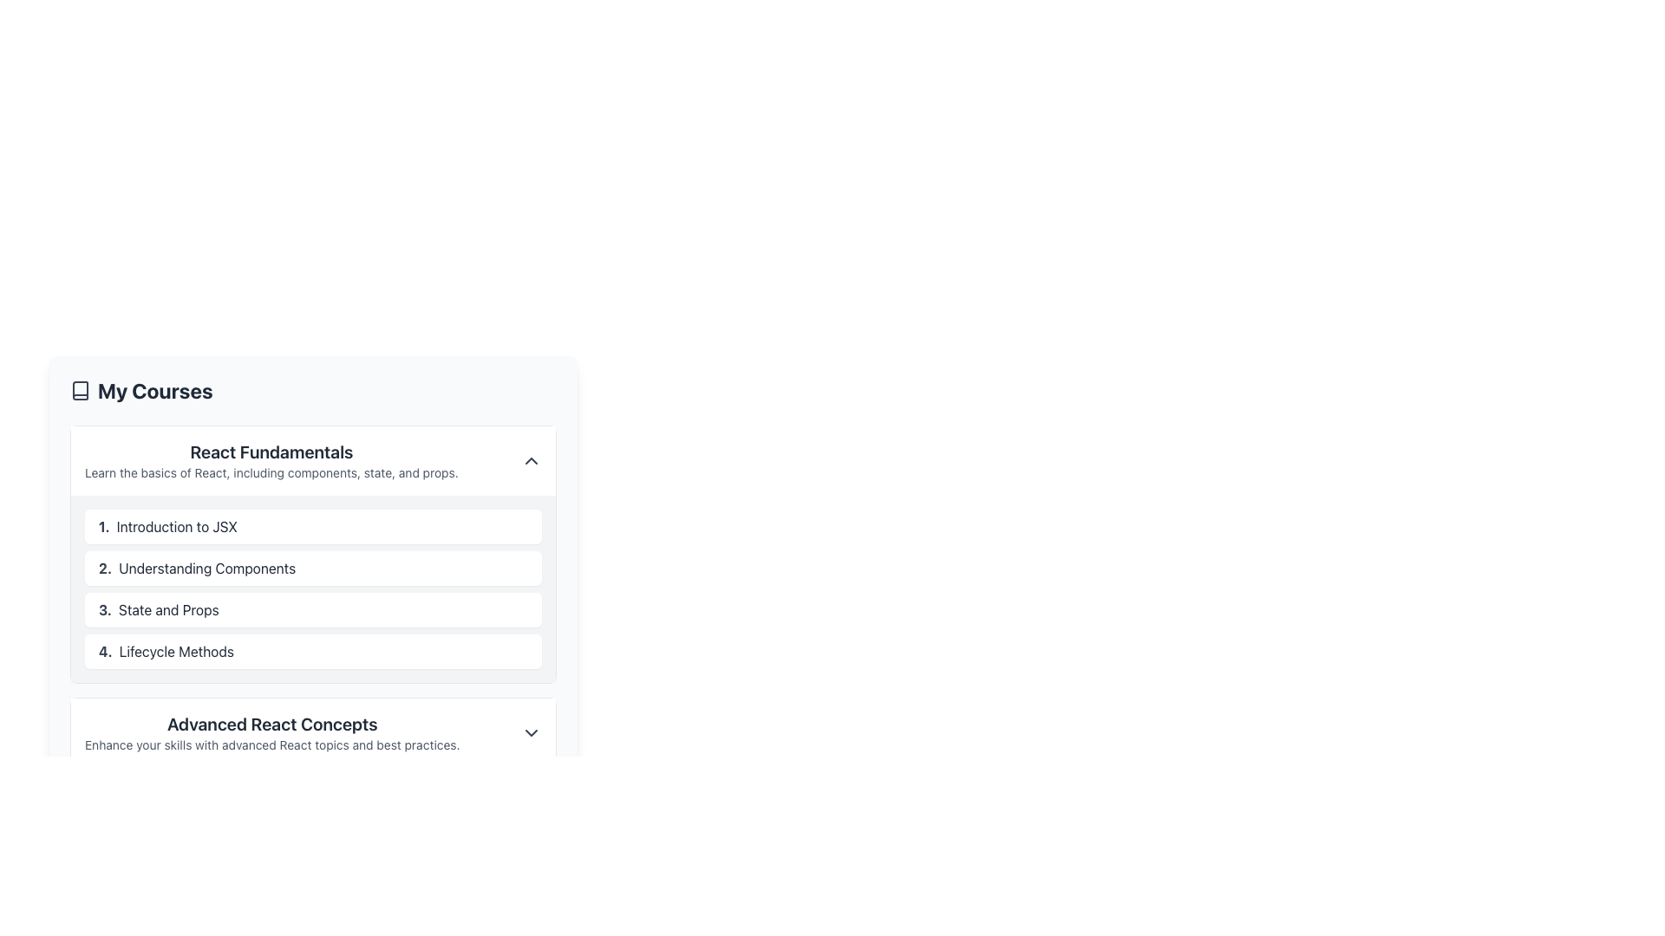  What do you see at coordinates (104, 652) in the screenshot?
I see `the text label 'Lifecycle Methods' adjacent to the numeral '4' in the list of sections` at bounding box center [104, 652].